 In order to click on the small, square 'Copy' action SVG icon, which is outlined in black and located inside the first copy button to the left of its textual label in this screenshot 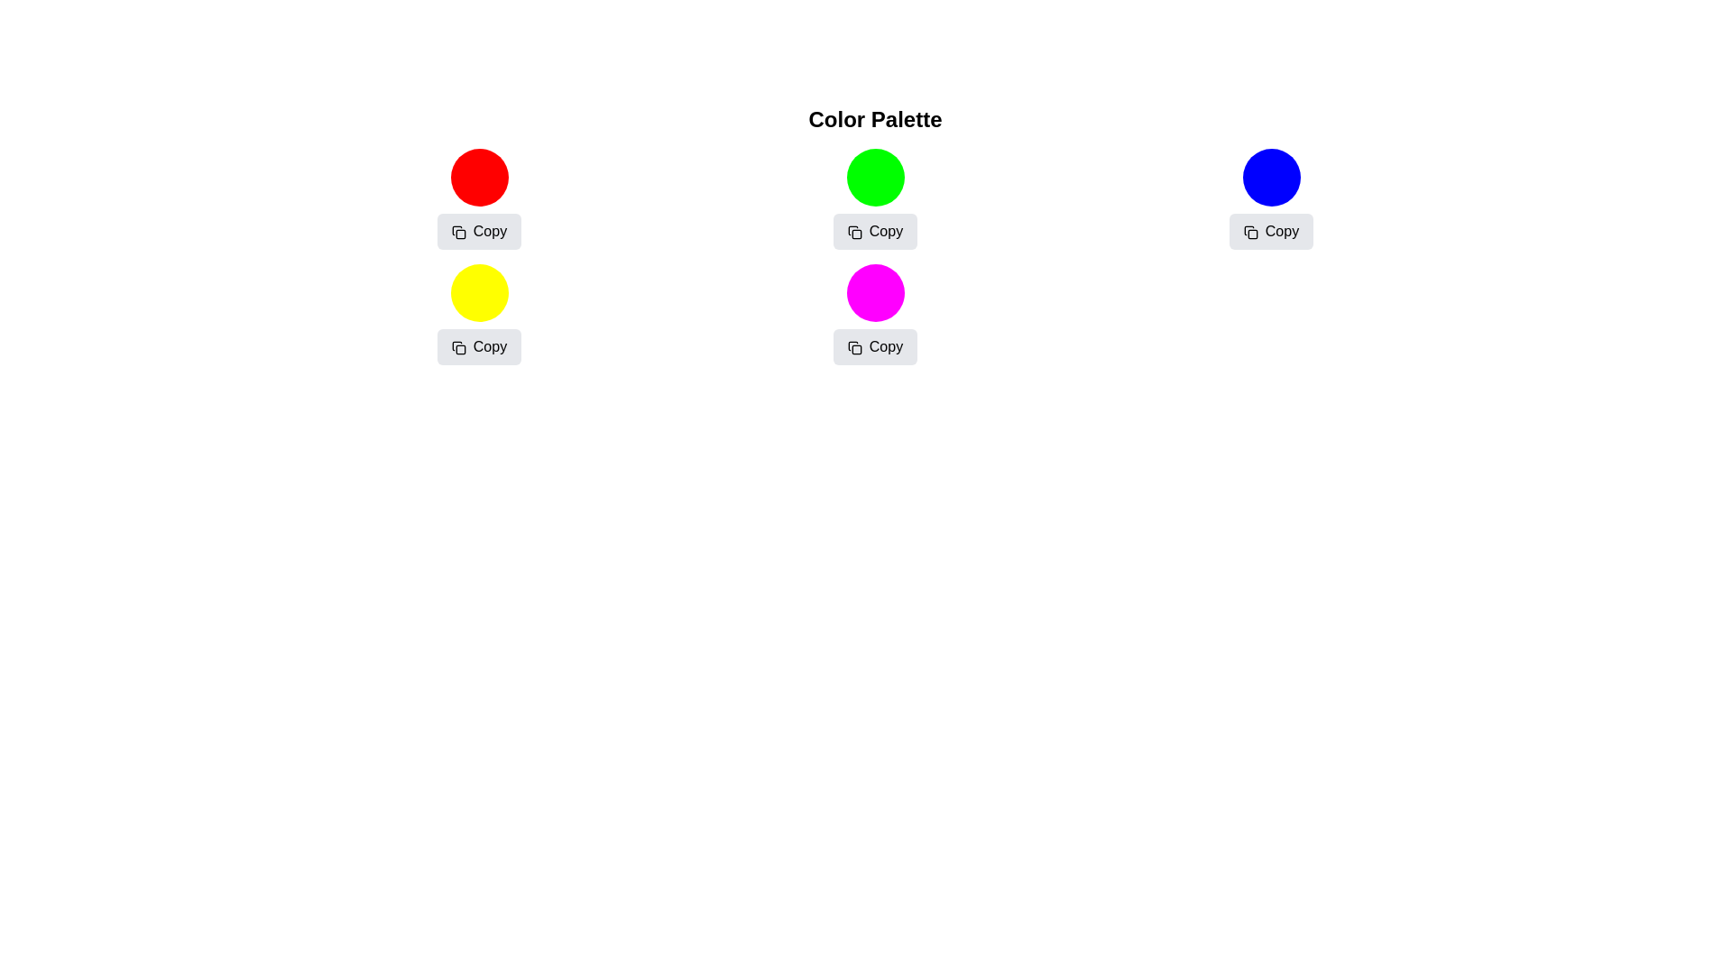, I will do `click(458, 231)`.